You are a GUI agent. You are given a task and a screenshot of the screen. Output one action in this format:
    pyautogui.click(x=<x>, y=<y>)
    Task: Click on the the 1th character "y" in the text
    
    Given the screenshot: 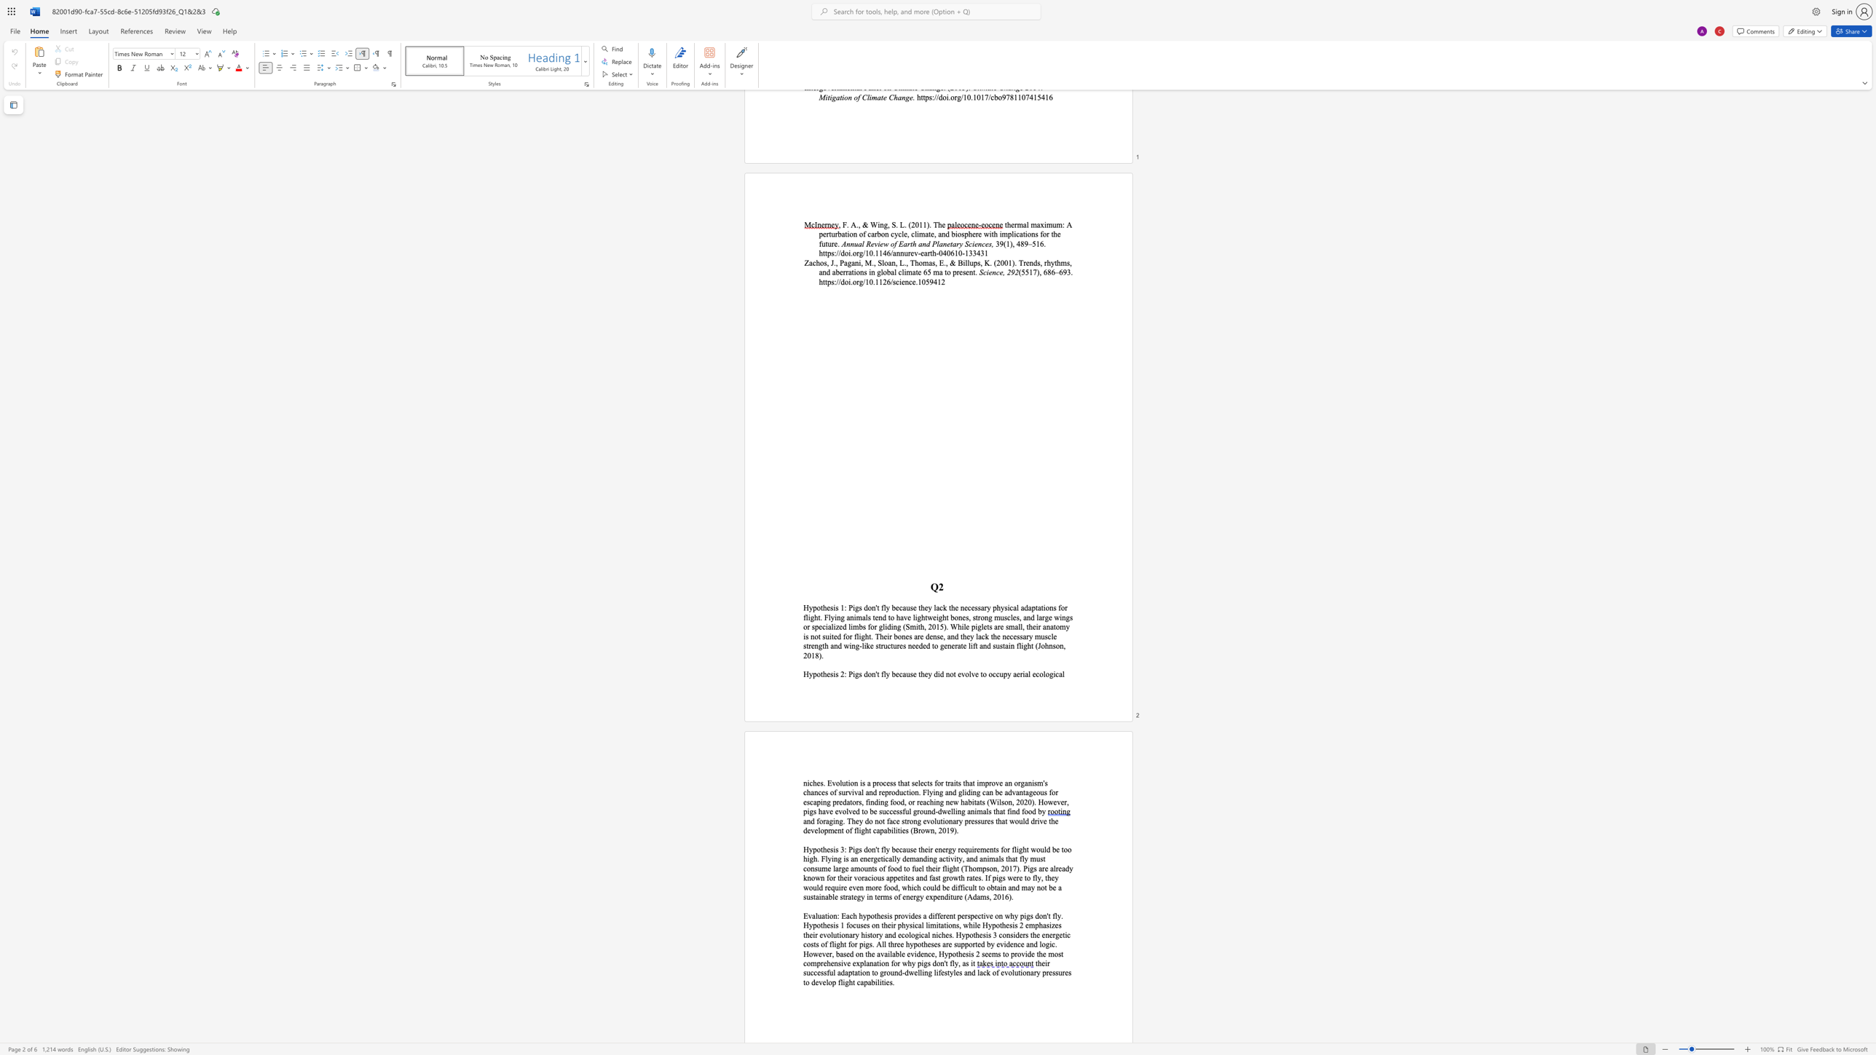 What is the action you would take?
    pyautogui.click(x=930, y=792)
    